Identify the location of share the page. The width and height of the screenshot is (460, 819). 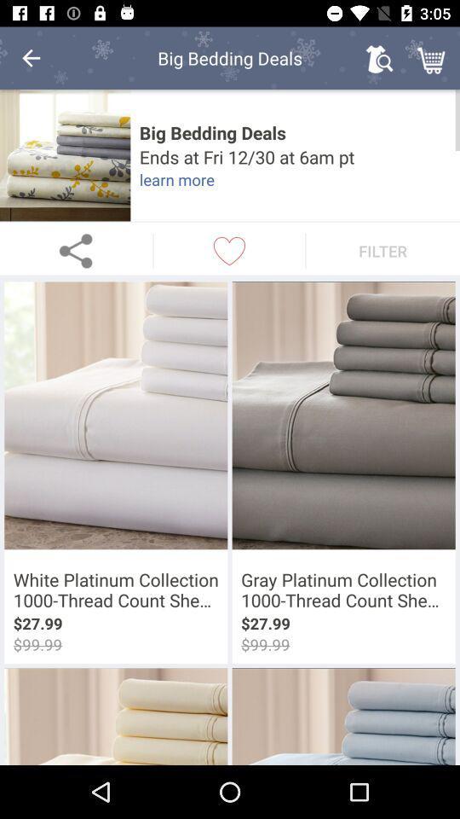
(75, 250).